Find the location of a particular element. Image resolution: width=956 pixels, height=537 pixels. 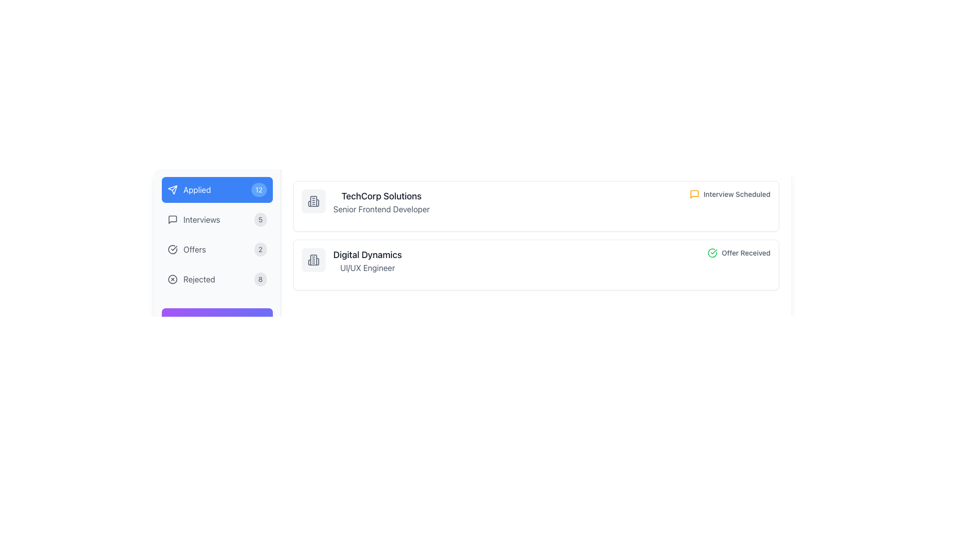

text displayed on the badge indicating the number of applications filed, located to the right of the 'Applied' button in the navigation menu is located at coordinates (259, 189).